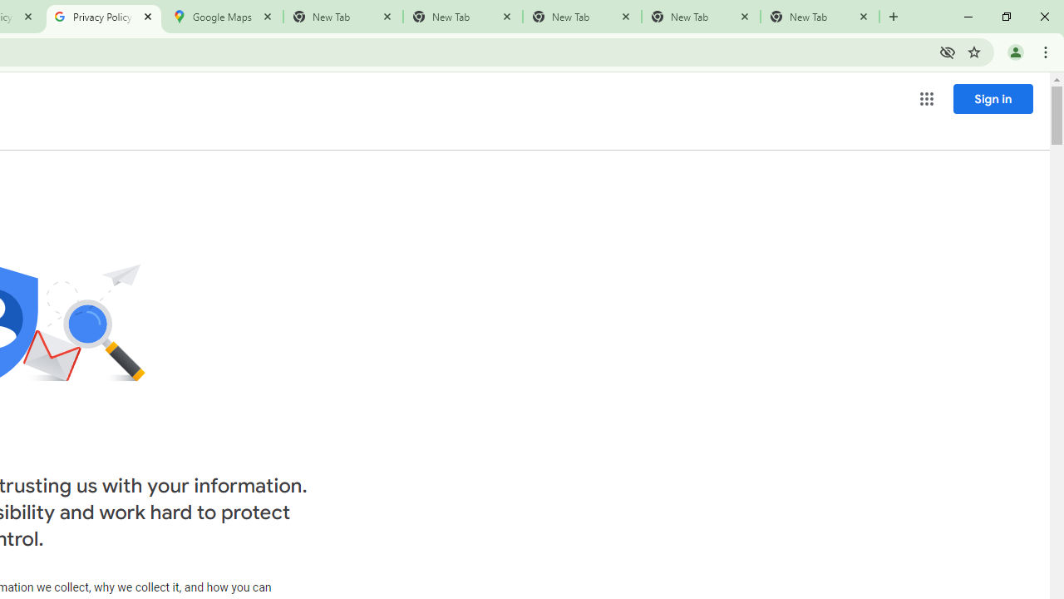 This screenshot has width=1064, height=599. Describe the element at coordinates (222, 17) in the screenshot. I see `'Google Maps'` at that location.